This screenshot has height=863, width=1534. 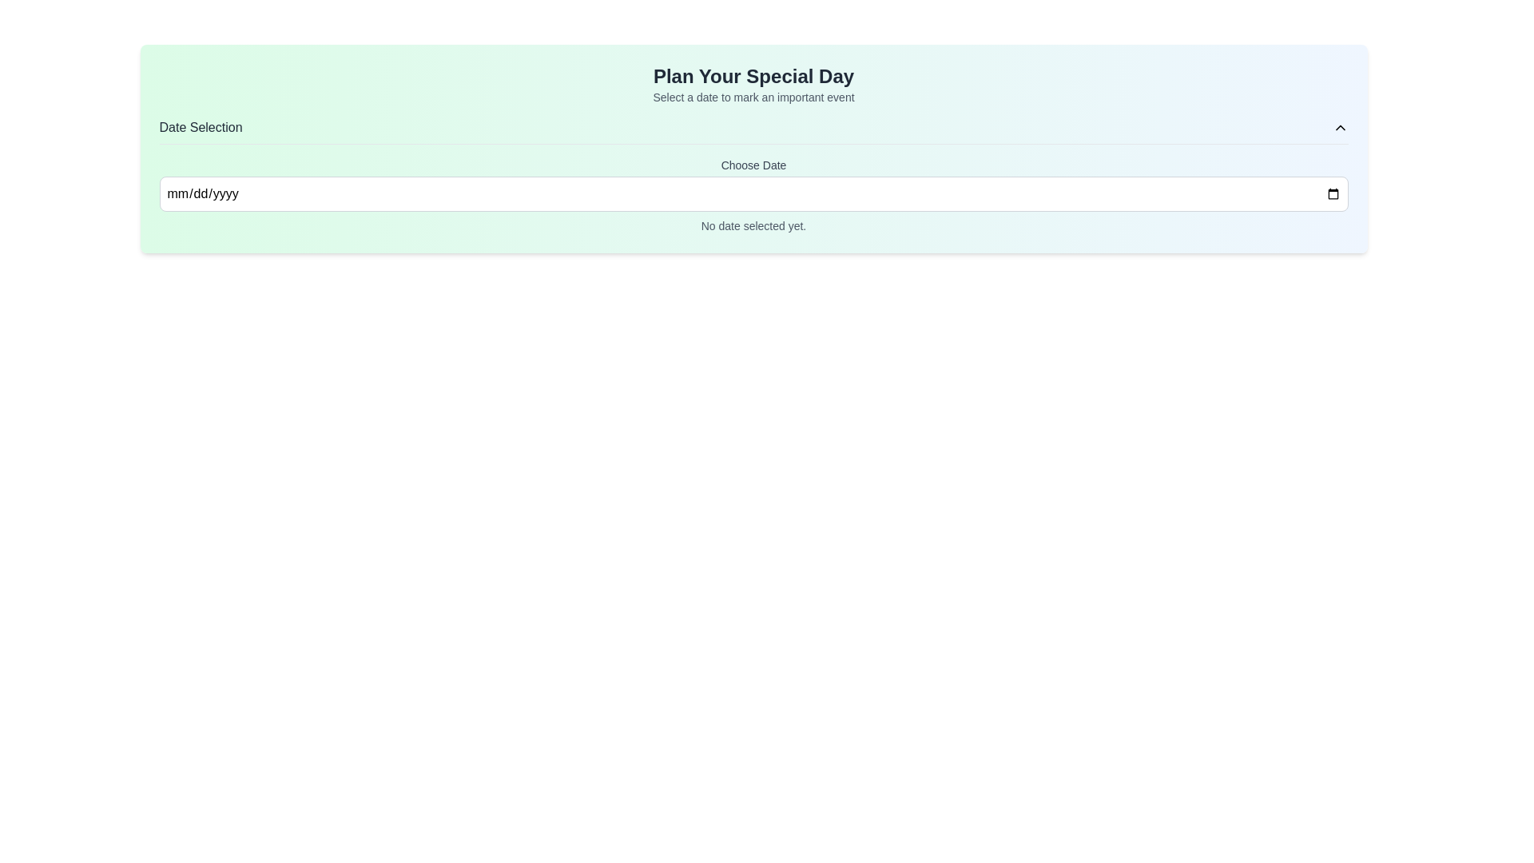 I want to click on the small upward-pointing triangular icon button located in the header section labeled 'Date Selection', so click(x=1340, y=126).